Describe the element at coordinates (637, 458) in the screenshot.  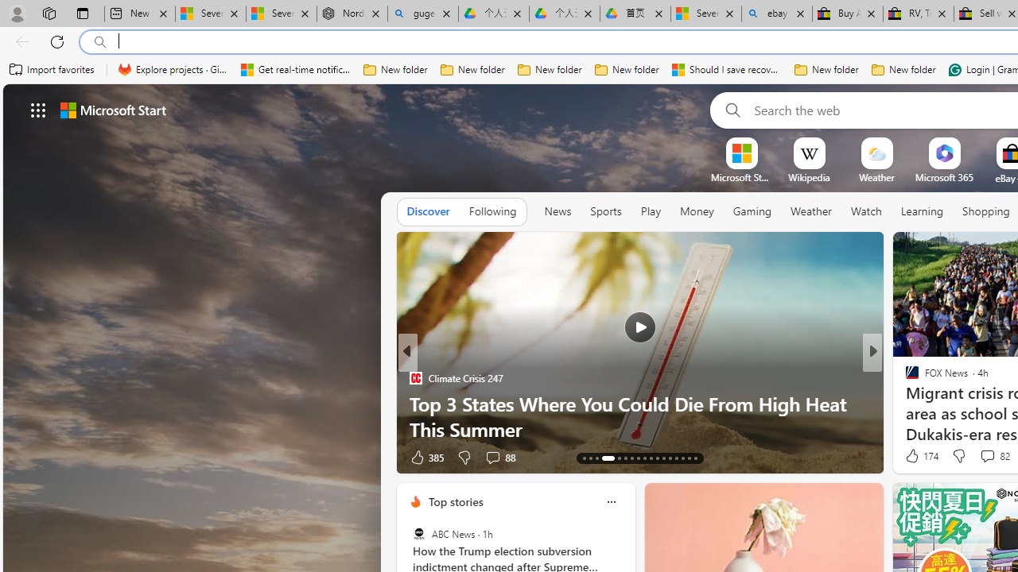
I see `'AutomationID: tab-20'` at that location.